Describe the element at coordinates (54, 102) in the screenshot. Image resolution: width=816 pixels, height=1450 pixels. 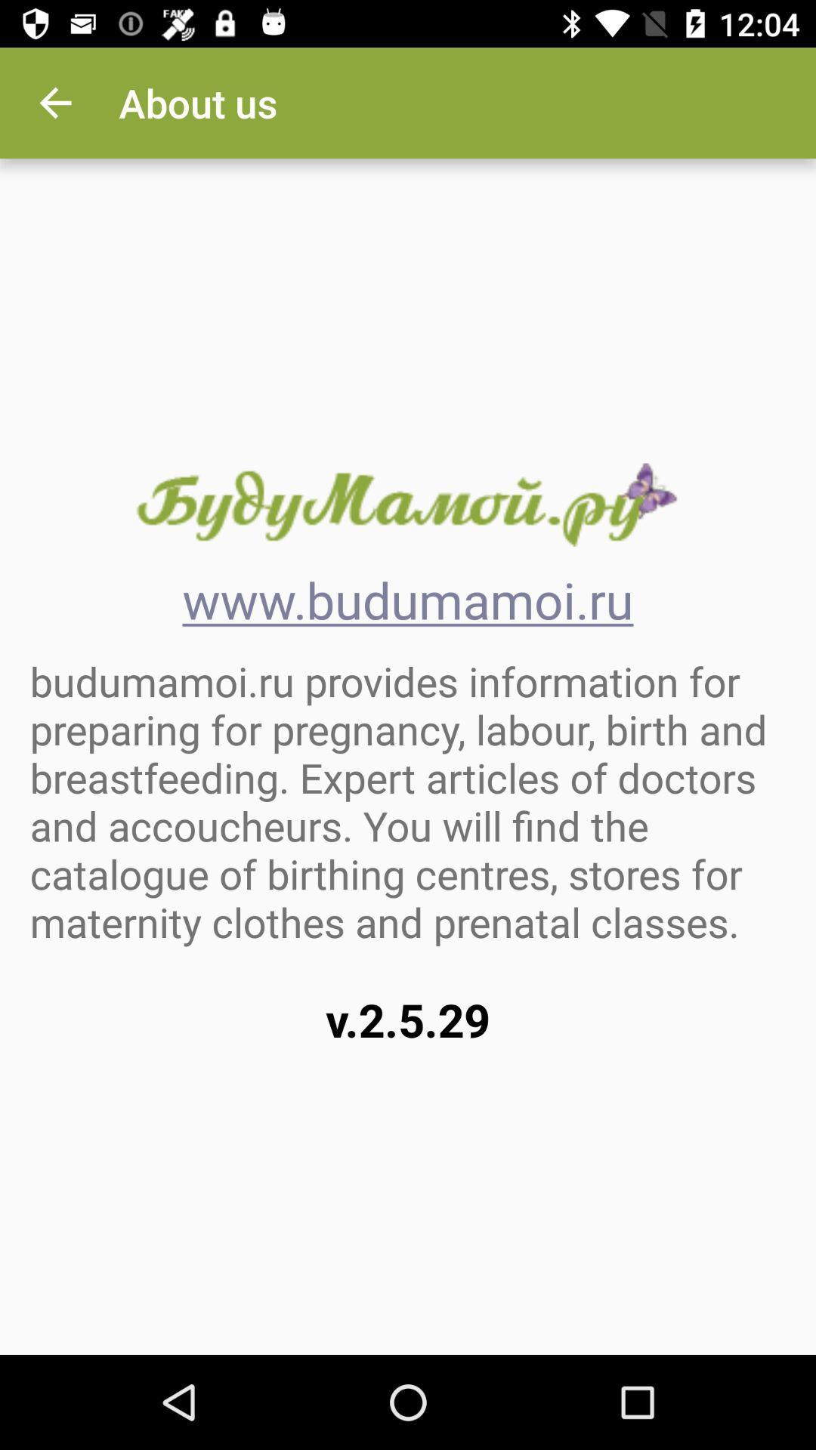
I see `the item next to the about us icon` at that location.